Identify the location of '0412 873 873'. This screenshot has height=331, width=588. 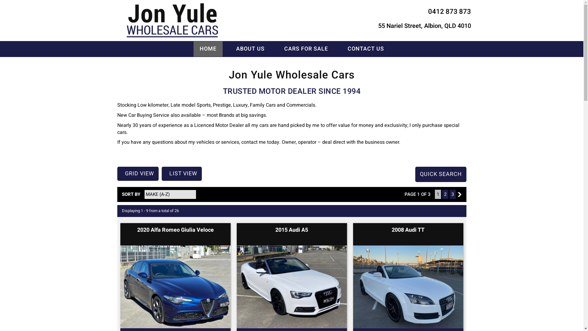
(450, 12).